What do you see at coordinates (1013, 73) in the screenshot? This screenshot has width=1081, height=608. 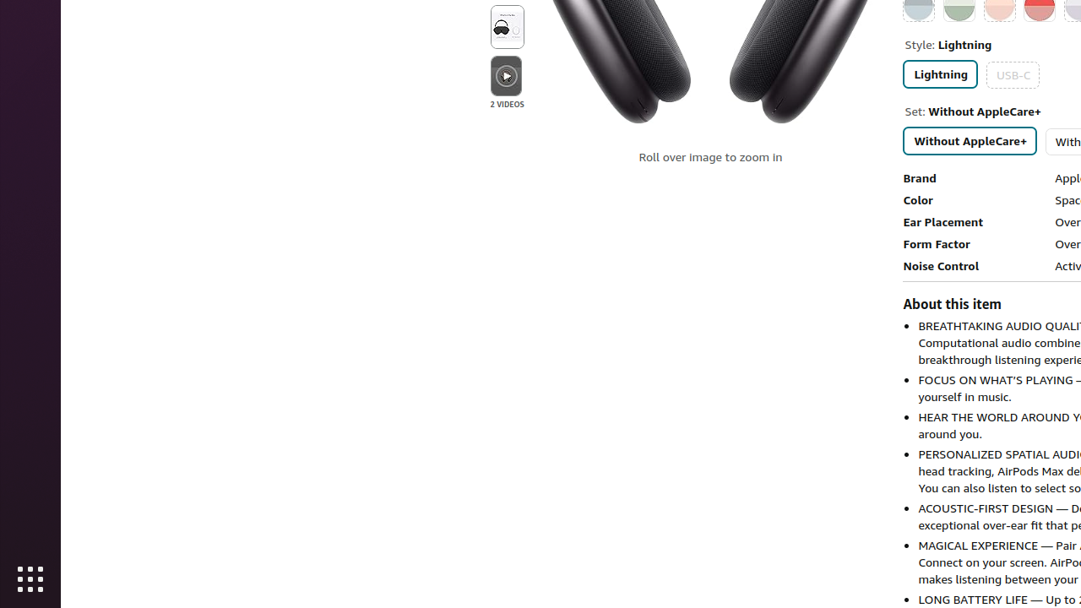 I see `'USB-C'` at bounding box center [1013, 73].